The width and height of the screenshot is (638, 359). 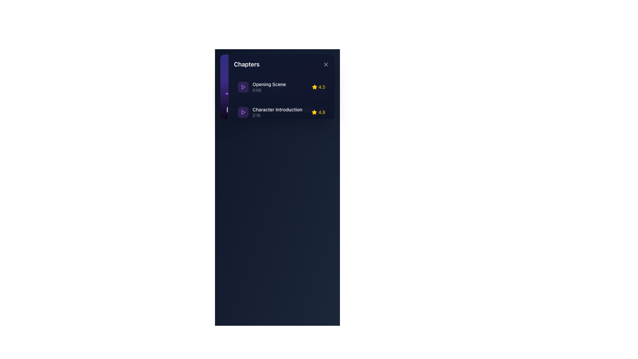 What do you see at coordinates (243, 112) in the screenshot?
I see `the 'Play' button for the content labeled 'Character Introduction' to trigger visual feedback` at bounding box center [243, 112].